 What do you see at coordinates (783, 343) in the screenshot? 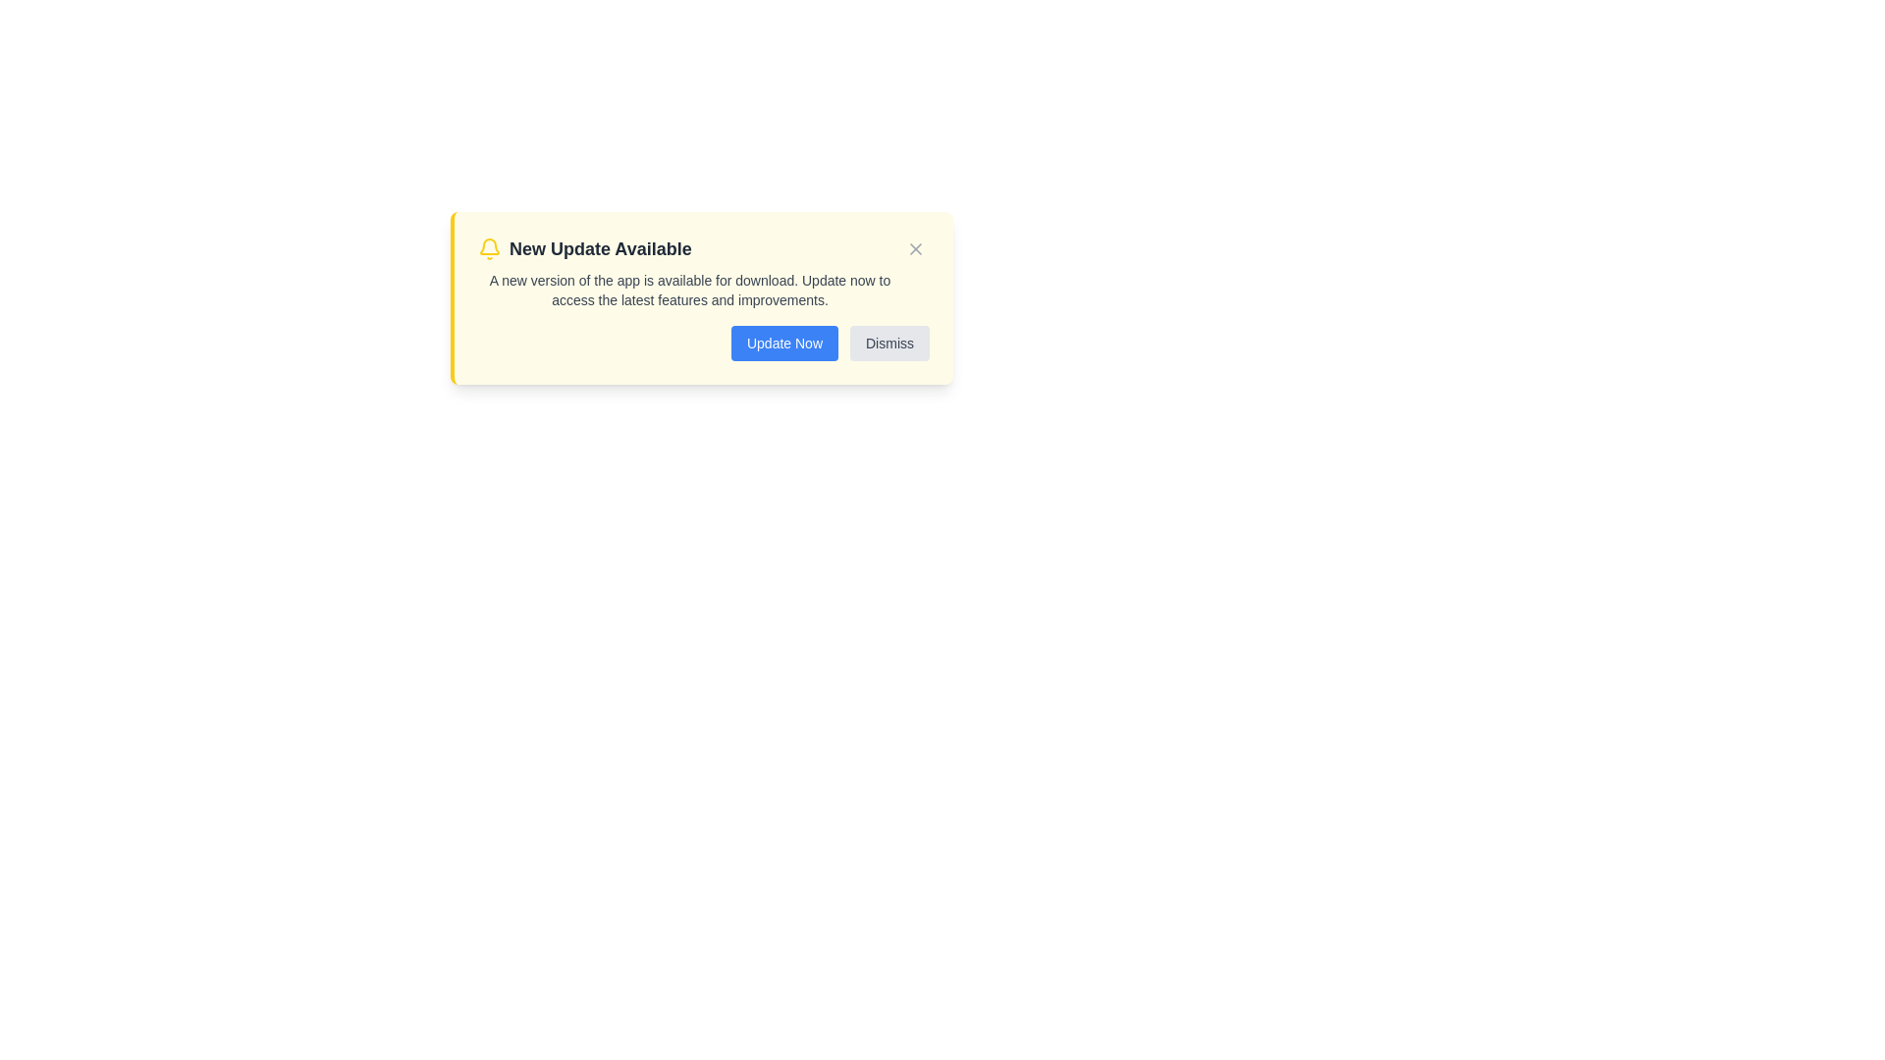
I see `the 'Update Now' button to initiate the update process` at bounding box center [783, 343].